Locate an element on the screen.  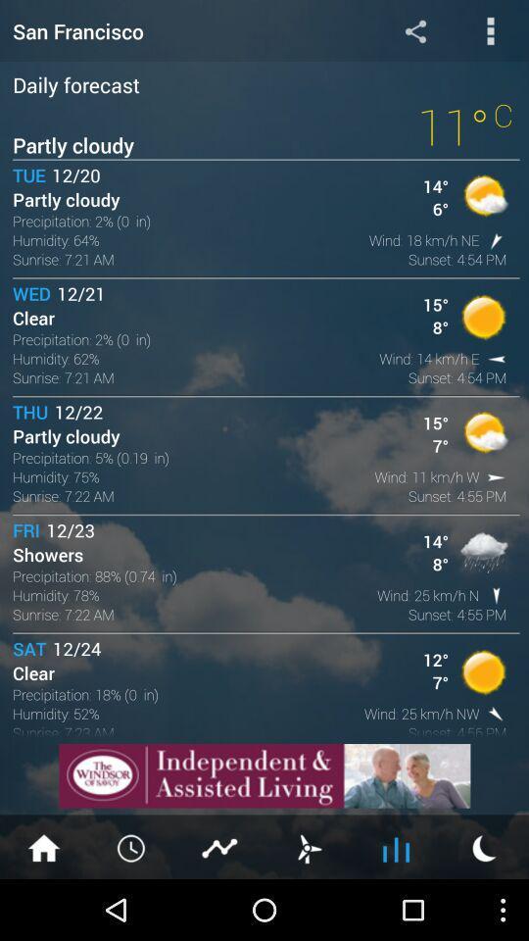
home page app is located at coordinates (43, 846).